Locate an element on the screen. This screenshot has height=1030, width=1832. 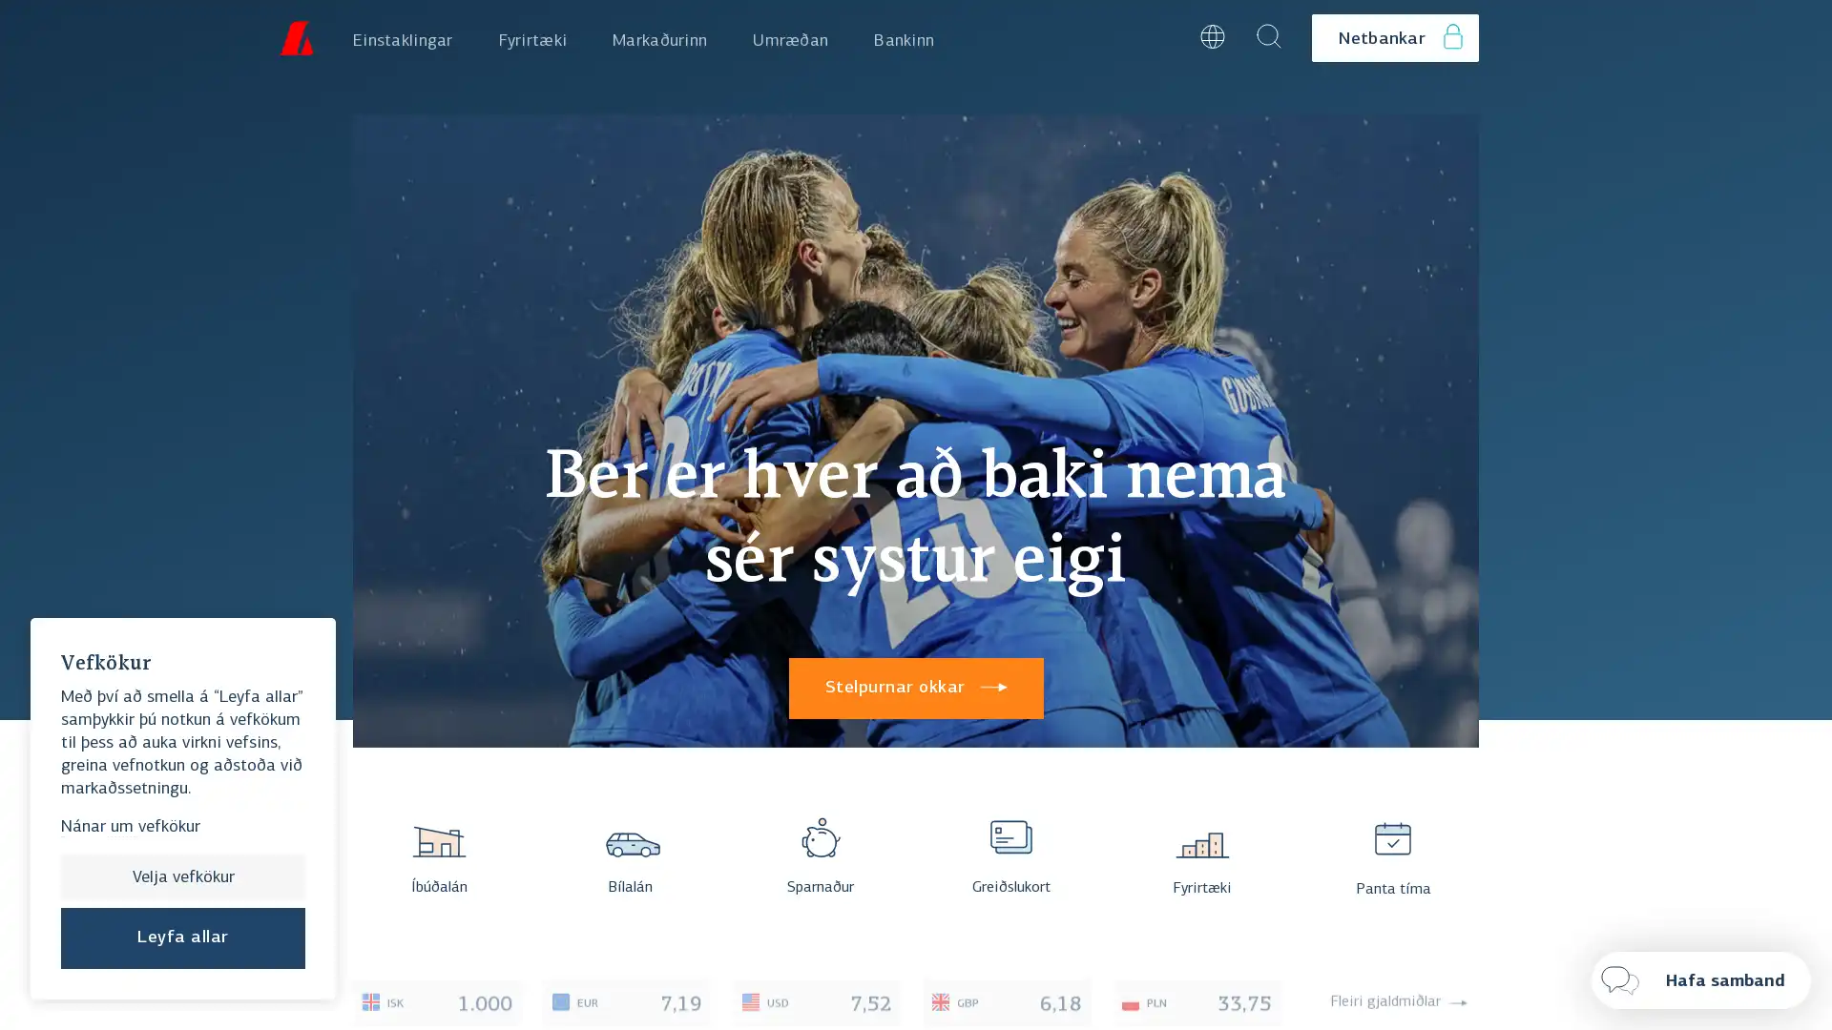
Hafa samband is located at coordinates (1700, 980).